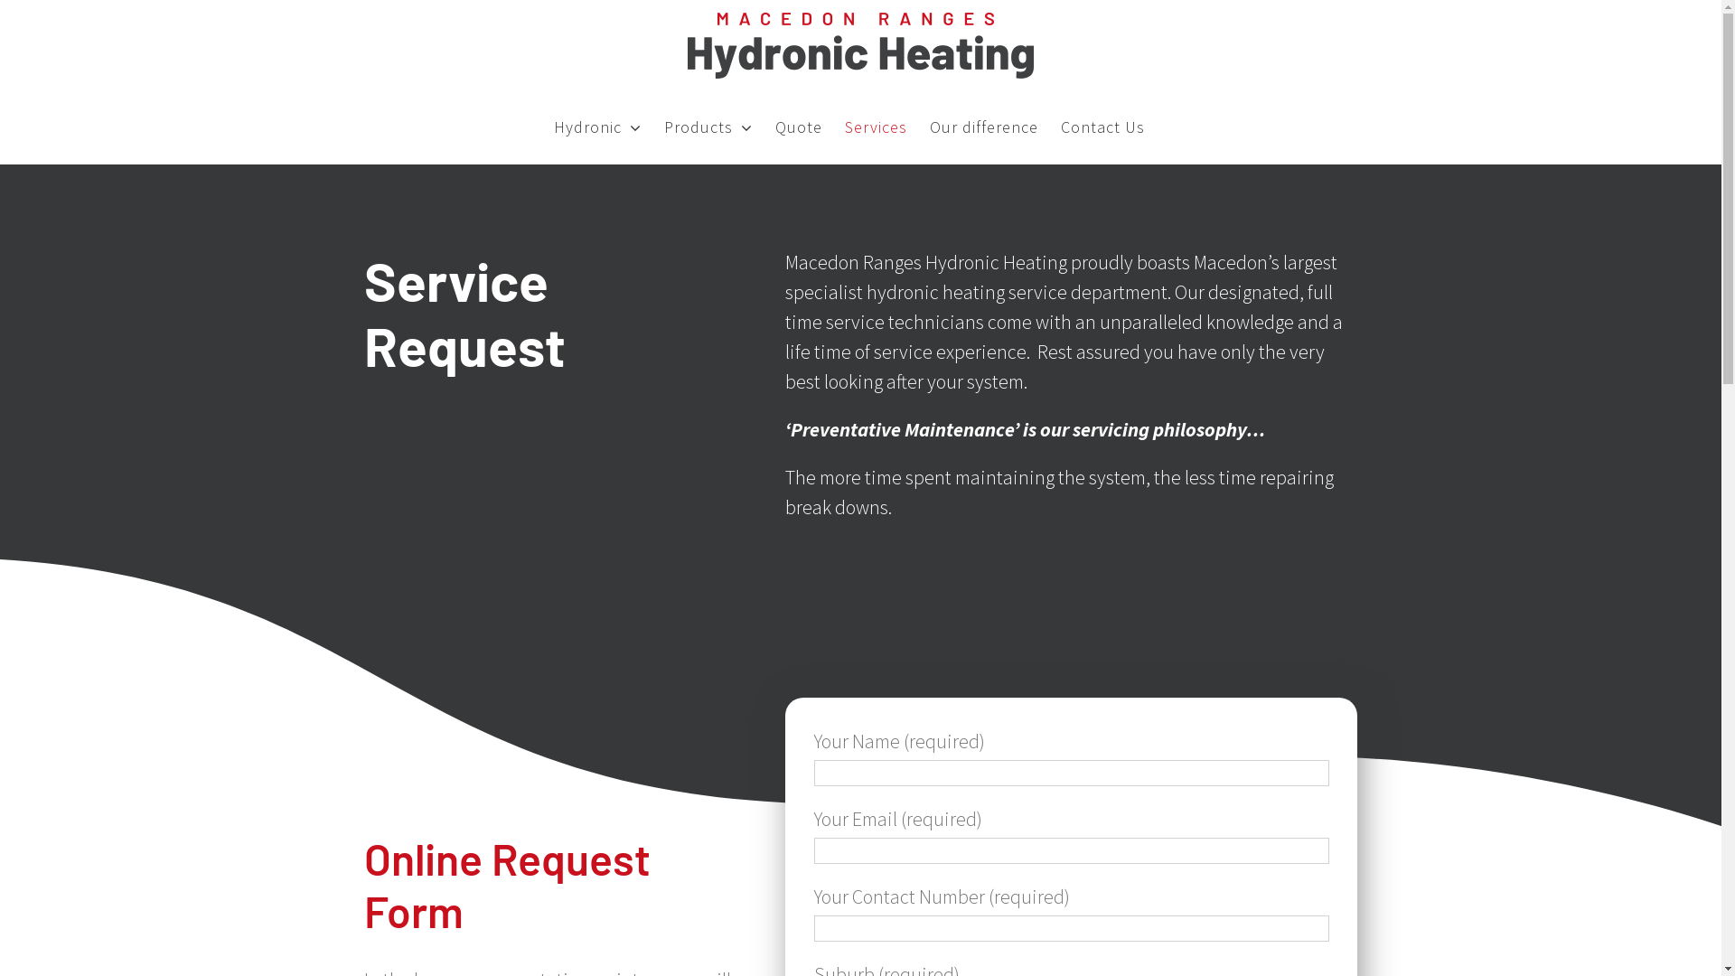  What do you see at coordinates (876, 127) in the screenshot?
I see `'Services'` at bounding box center [876, 127].